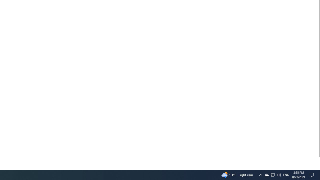 This screenshot has width=320, height=180. Describe the element at coordinates (318, 168) in the screenshot. I see `'Vertical Small Increase'` at that location.